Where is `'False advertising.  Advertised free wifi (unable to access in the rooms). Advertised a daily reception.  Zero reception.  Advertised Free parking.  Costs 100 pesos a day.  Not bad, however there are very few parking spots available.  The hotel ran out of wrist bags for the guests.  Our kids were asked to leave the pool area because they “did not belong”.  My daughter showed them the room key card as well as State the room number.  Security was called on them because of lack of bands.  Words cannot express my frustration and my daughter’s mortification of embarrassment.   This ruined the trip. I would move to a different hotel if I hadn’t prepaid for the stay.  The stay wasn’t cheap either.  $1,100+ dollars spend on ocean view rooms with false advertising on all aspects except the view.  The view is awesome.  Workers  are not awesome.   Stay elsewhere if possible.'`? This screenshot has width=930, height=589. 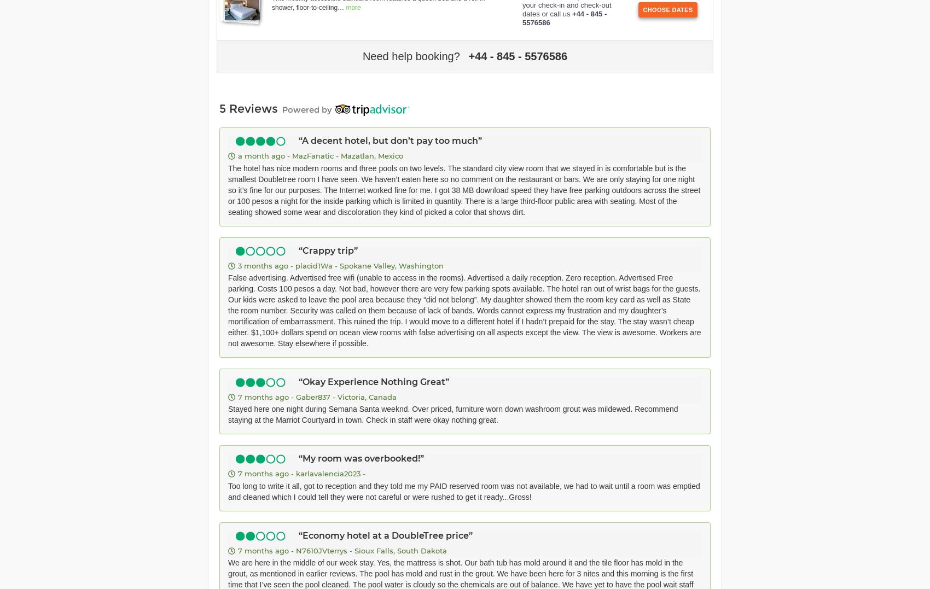
'False advertising.  Advertised free wifi (unable to access in the rooms). Advertised a daily reception.  Zero reception.  Advertised Free parking.  Costs 100 pesos a day.  Not bad, however there are very few parking spots available.  The hotel ran out of wrist bags for the guests.  Our kids were asked to leave the pool area because they “did not belong”.  My daughter showed them the room key card as well as State the room number.  Security was called on them because of lack of bands.  Words cannot express my frustration and my daughter’s mortification of embarrassment.   This ruined the trip. I would move to a different hotel if I hadn’t prepaid for the stay.  The stay wasn’t cheap either.  $1,100+ dollars spend on ocean view rooms with false advertising on all aspects except the view.  The view is awesome.  Workers  are not awesome.   Stay elsewhere if possible.' is located at coordinates (463, 310).